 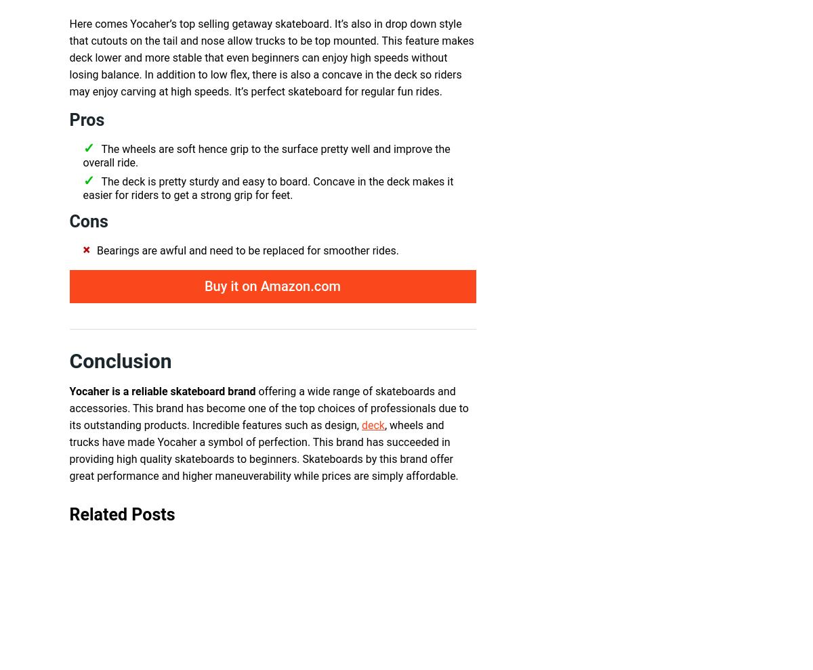 I want to click on 'Buy it on Amazon.com', so click(x=203, y=286).